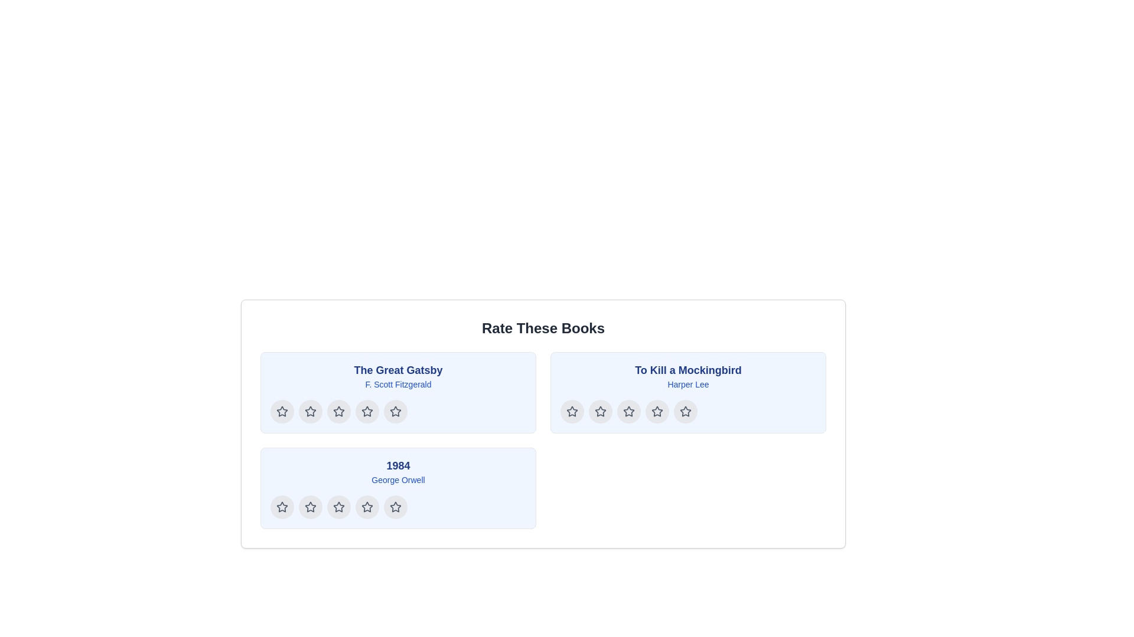 This screenshot has height=637, width=1134. What do you see at coordinates (367, 506) in the screenshot?
I see `the fourth star-shaped rating icon in the book rating interface for the book labeled '1984'` at bounding box center [367, 506].